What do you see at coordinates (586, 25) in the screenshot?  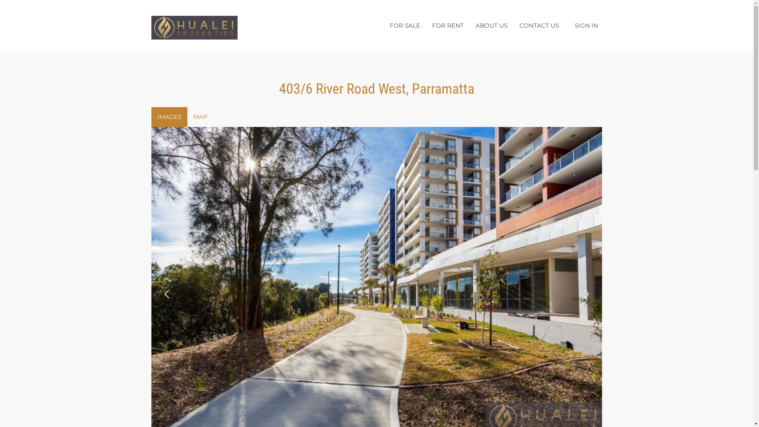 I see `'SIGN IN'` at bounding box center [586, 25].